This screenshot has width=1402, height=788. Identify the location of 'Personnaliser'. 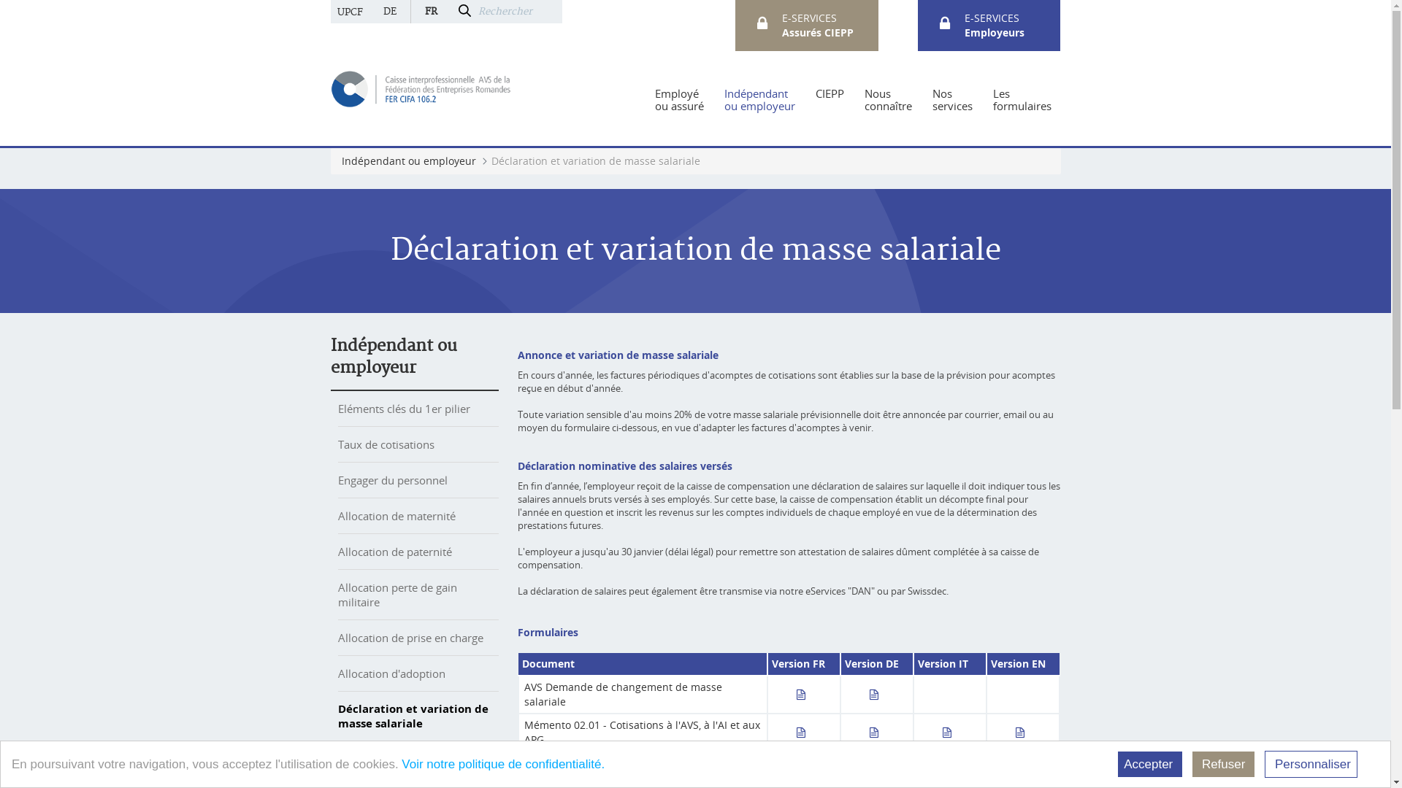
(1311, 763).